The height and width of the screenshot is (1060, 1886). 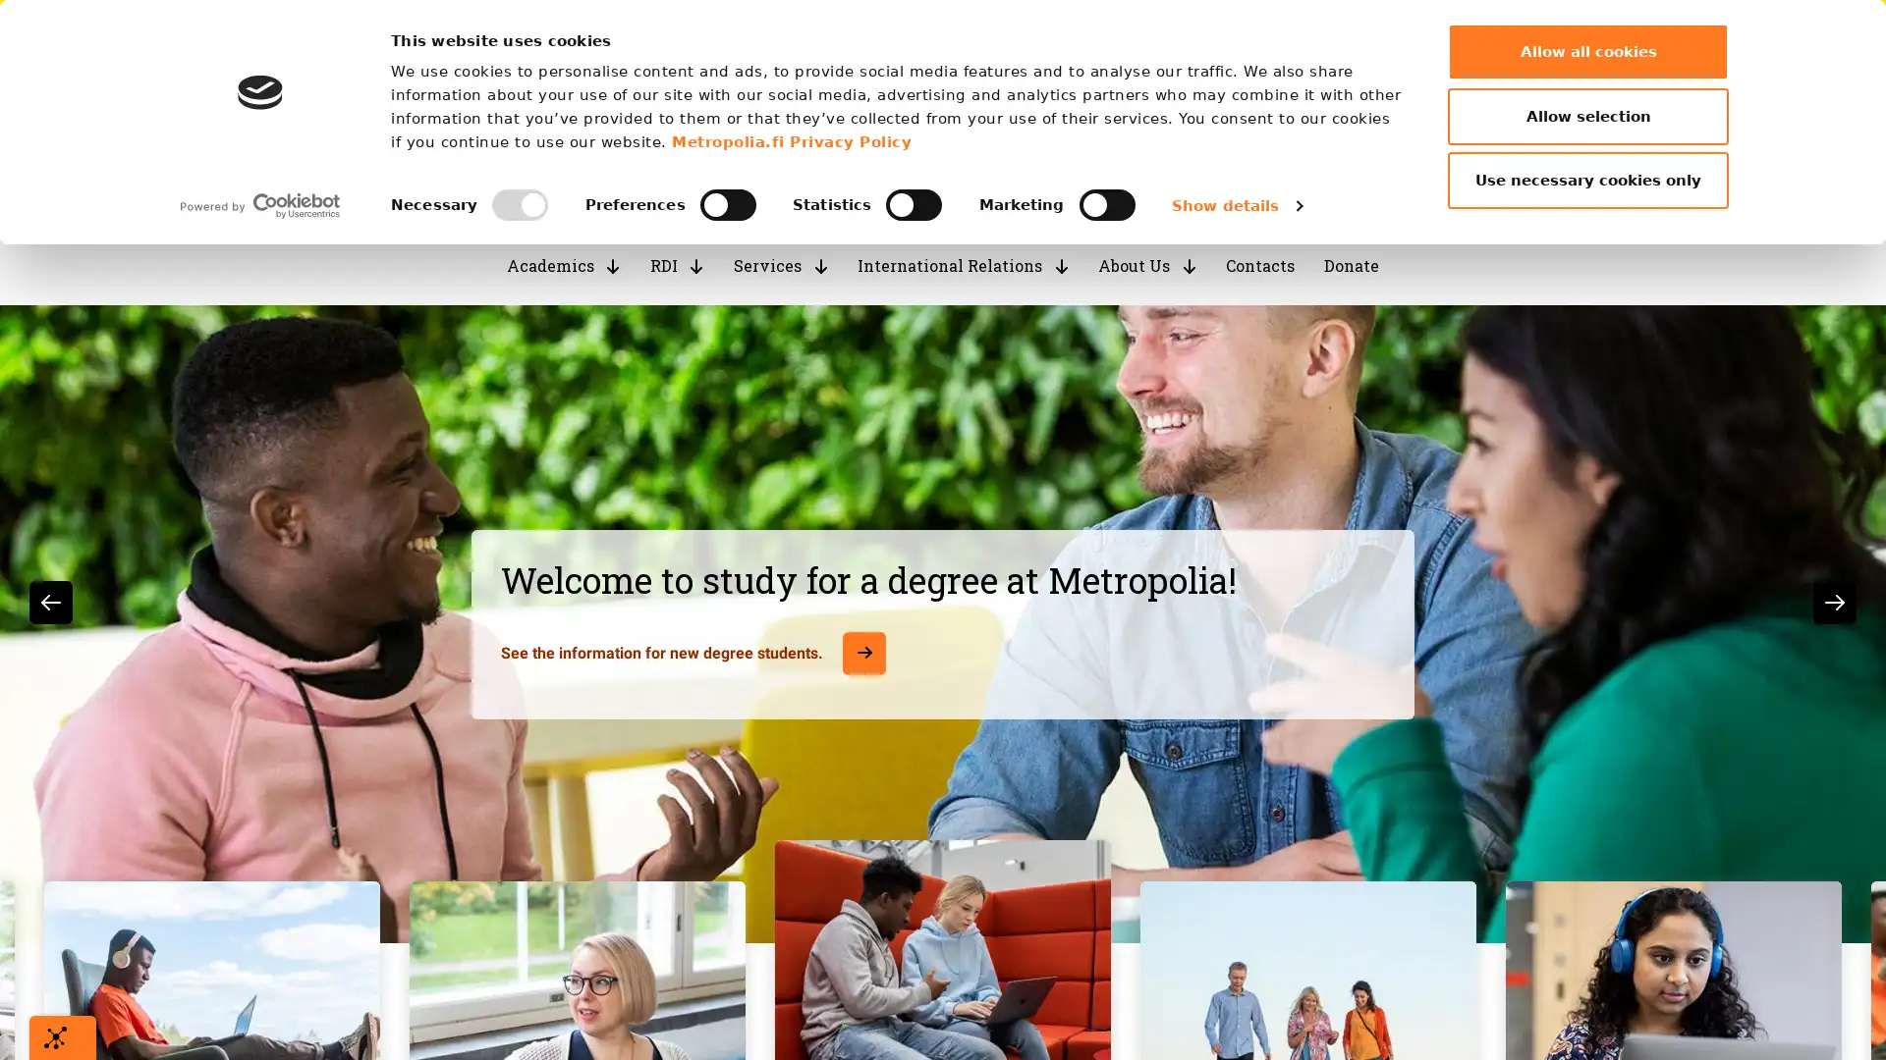 What do you see at coordinates (1833, 601) in the screenshot?
I see `Next` at bounding box center [1833, 601].